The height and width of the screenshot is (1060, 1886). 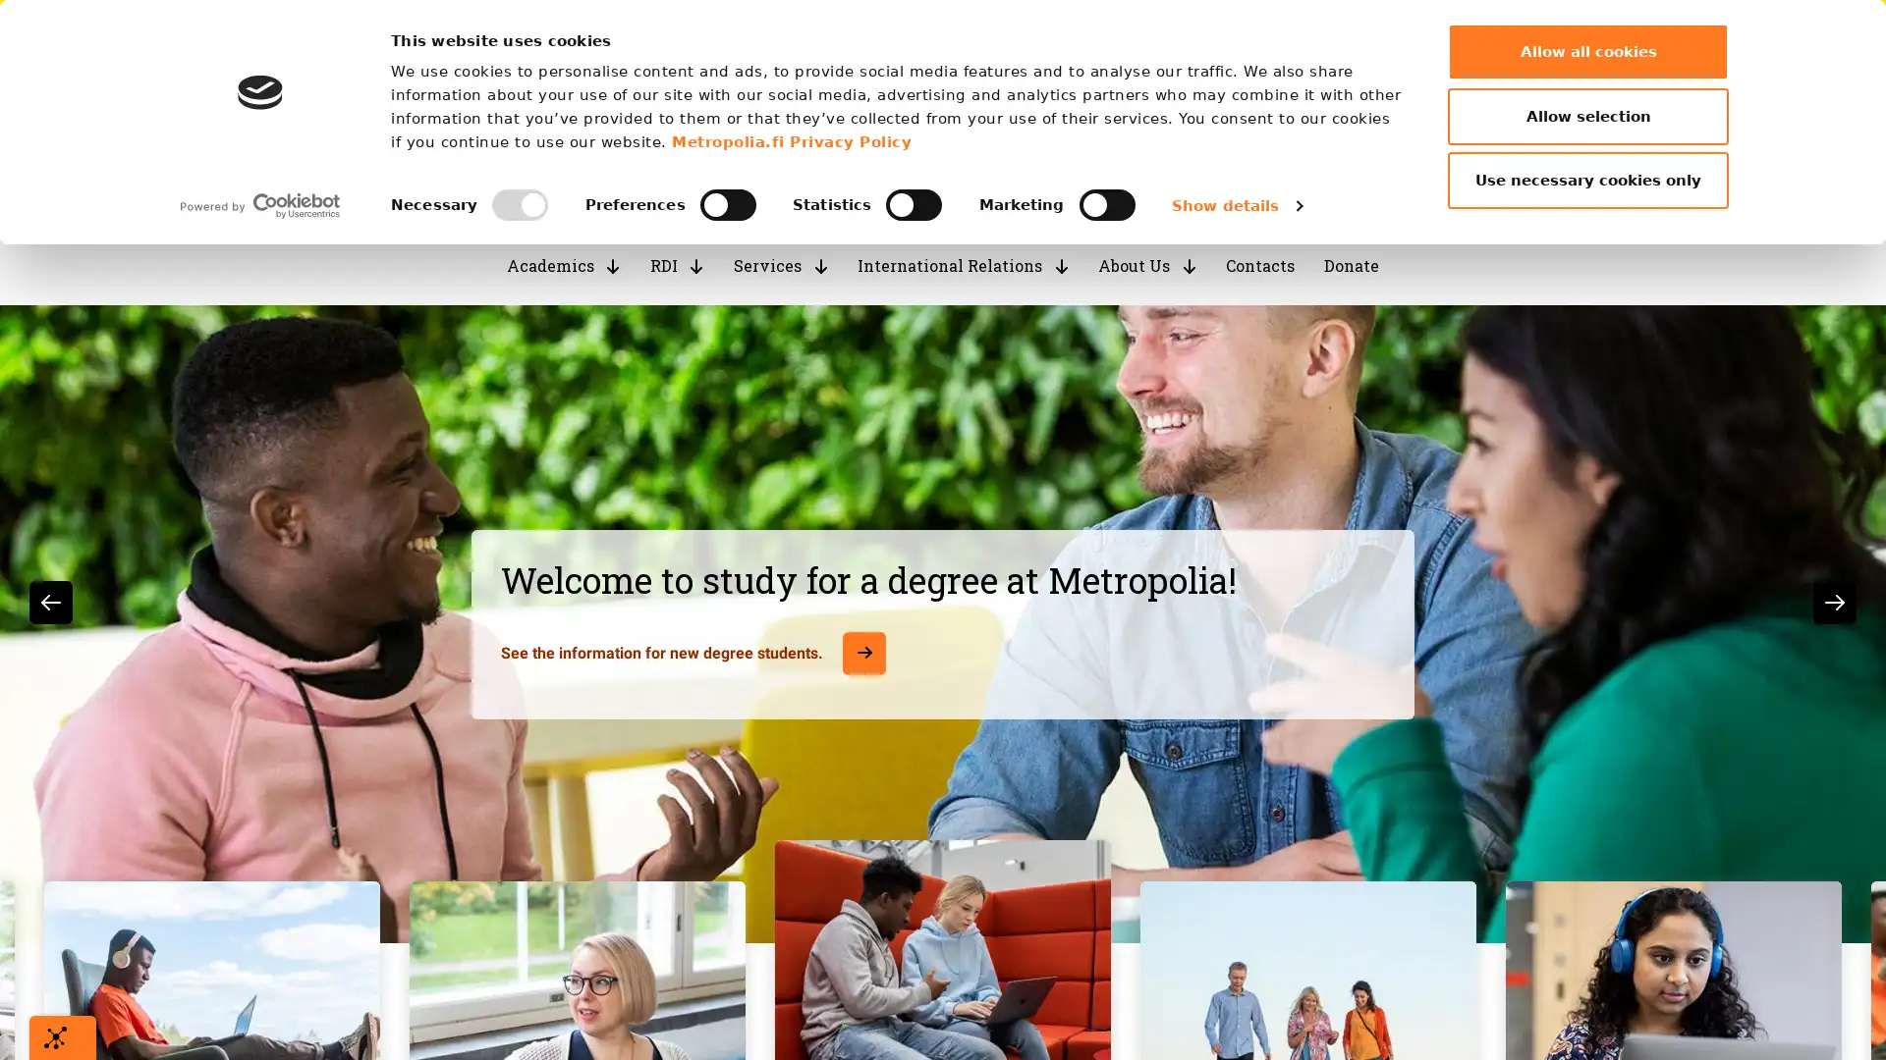 What do you see at coordinates (1833, 601) in the screenshot?
I see `Next` at bounding box center [1833, 601].